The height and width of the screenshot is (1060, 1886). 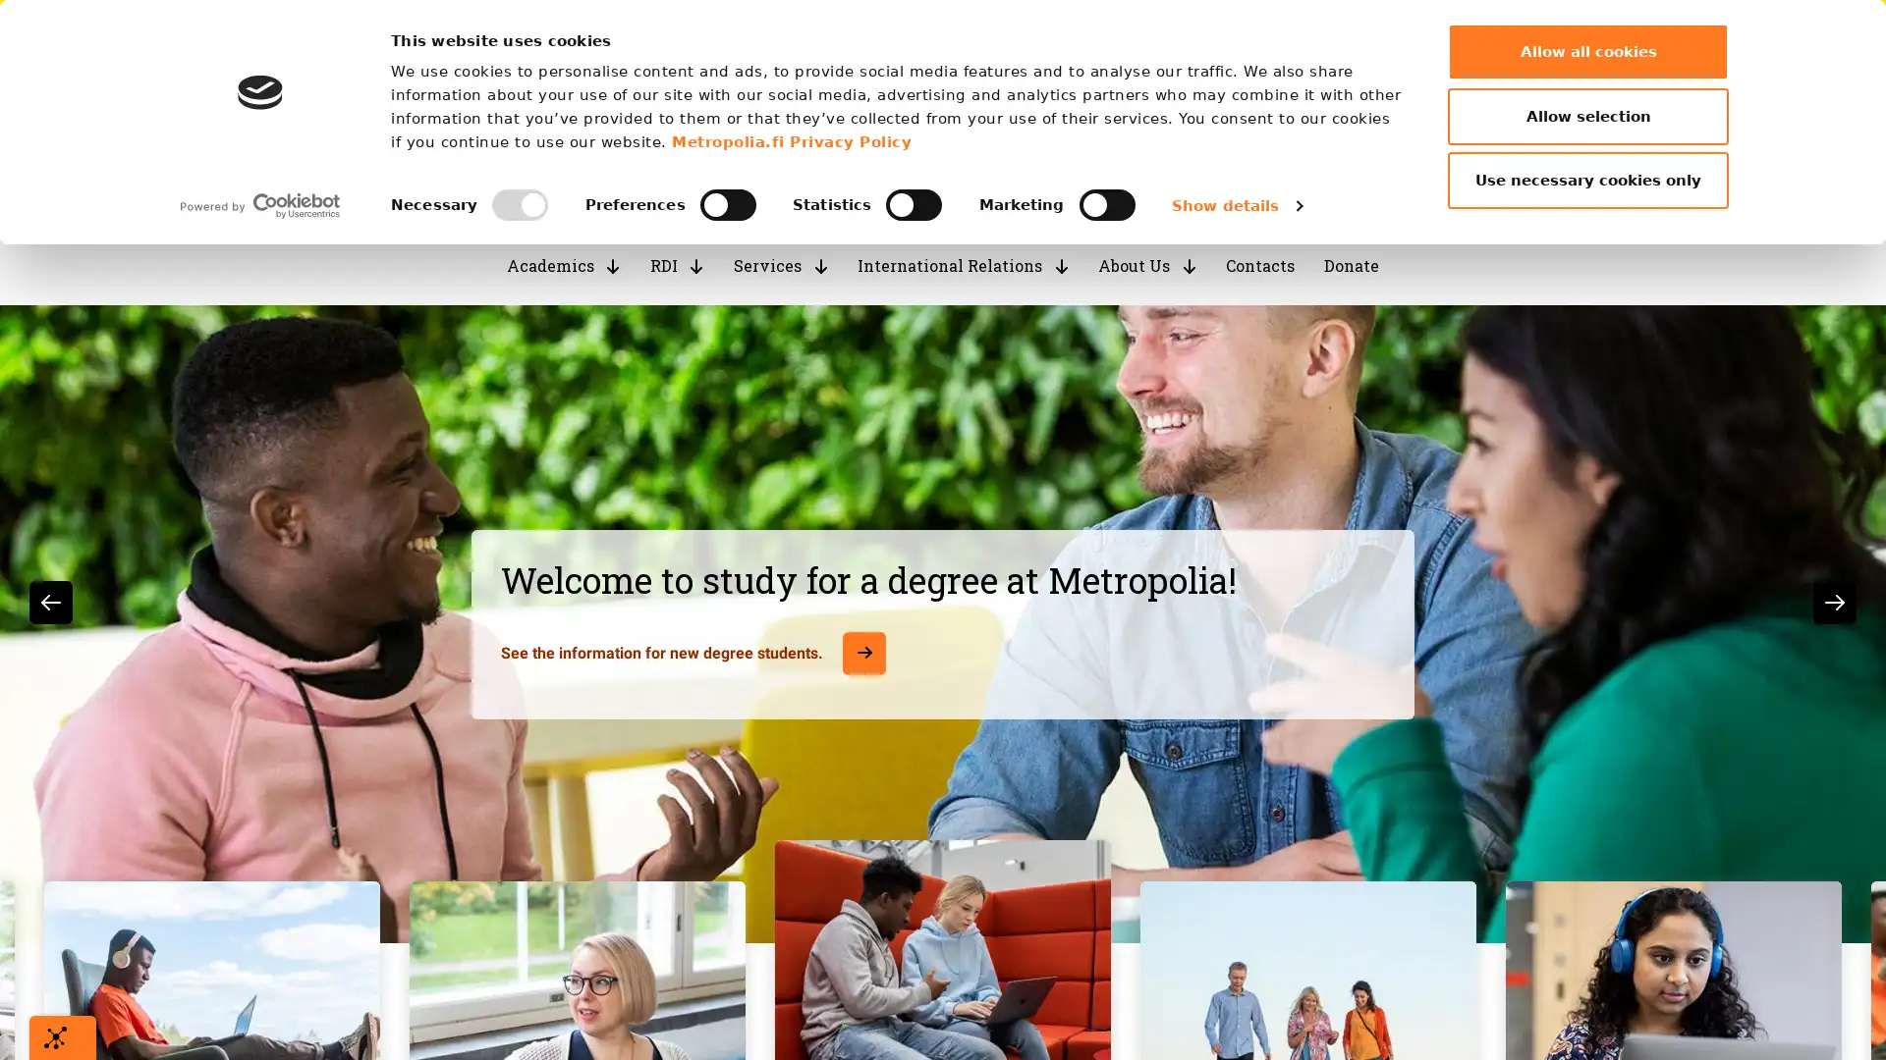 What do you see at coordinates (1833, 601) in the screenshot?
I see `Next` at bounding box center [1833, 601].